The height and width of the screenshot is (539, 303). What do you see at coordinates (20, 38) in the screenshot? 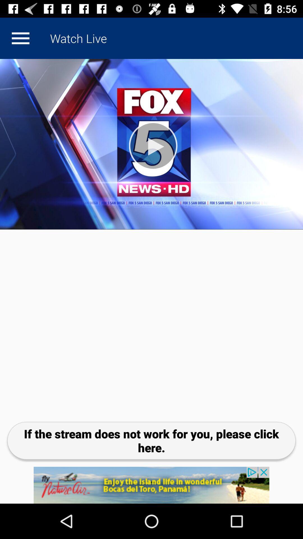
I see `stteting` at bounding box center [20, 38].